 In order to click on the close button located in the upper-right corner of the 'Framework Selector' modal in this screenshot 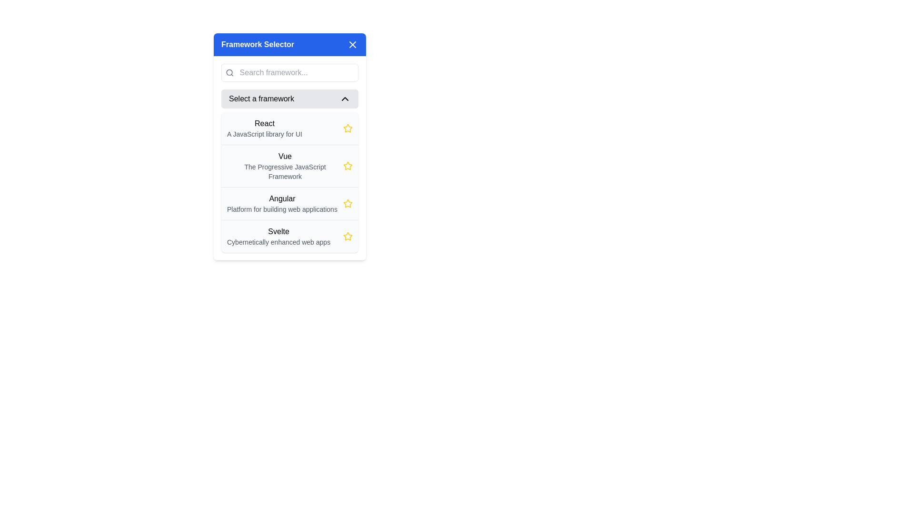, I will do `click(352, 44)`.